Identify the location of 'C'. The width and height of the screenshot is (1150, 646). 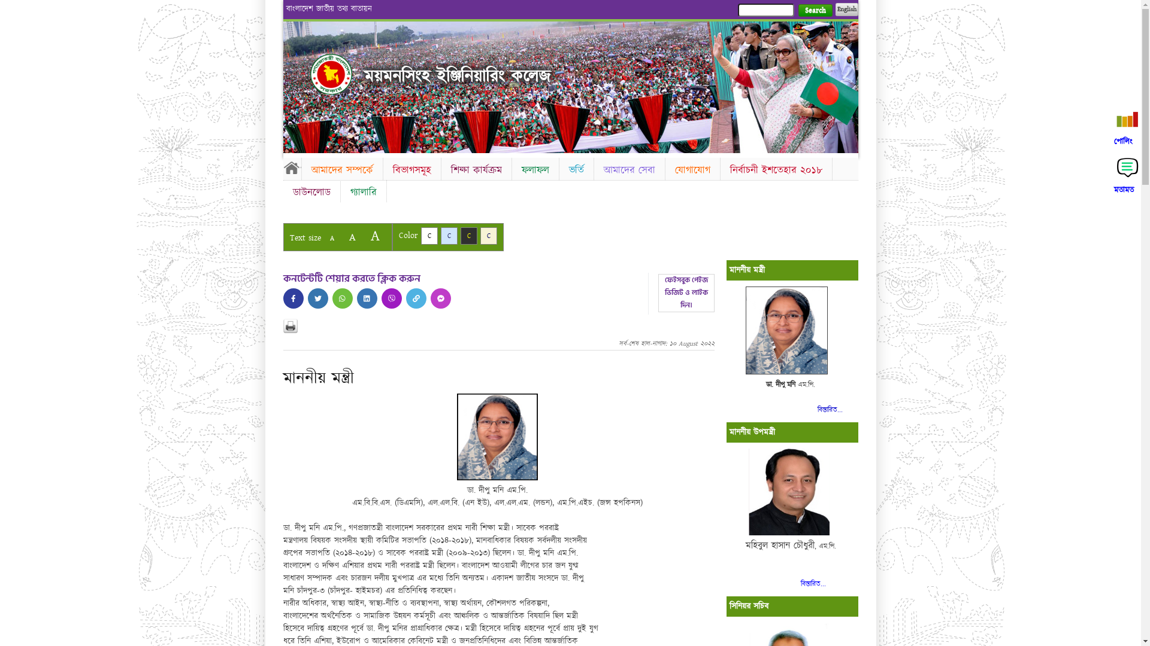
(428, 236).